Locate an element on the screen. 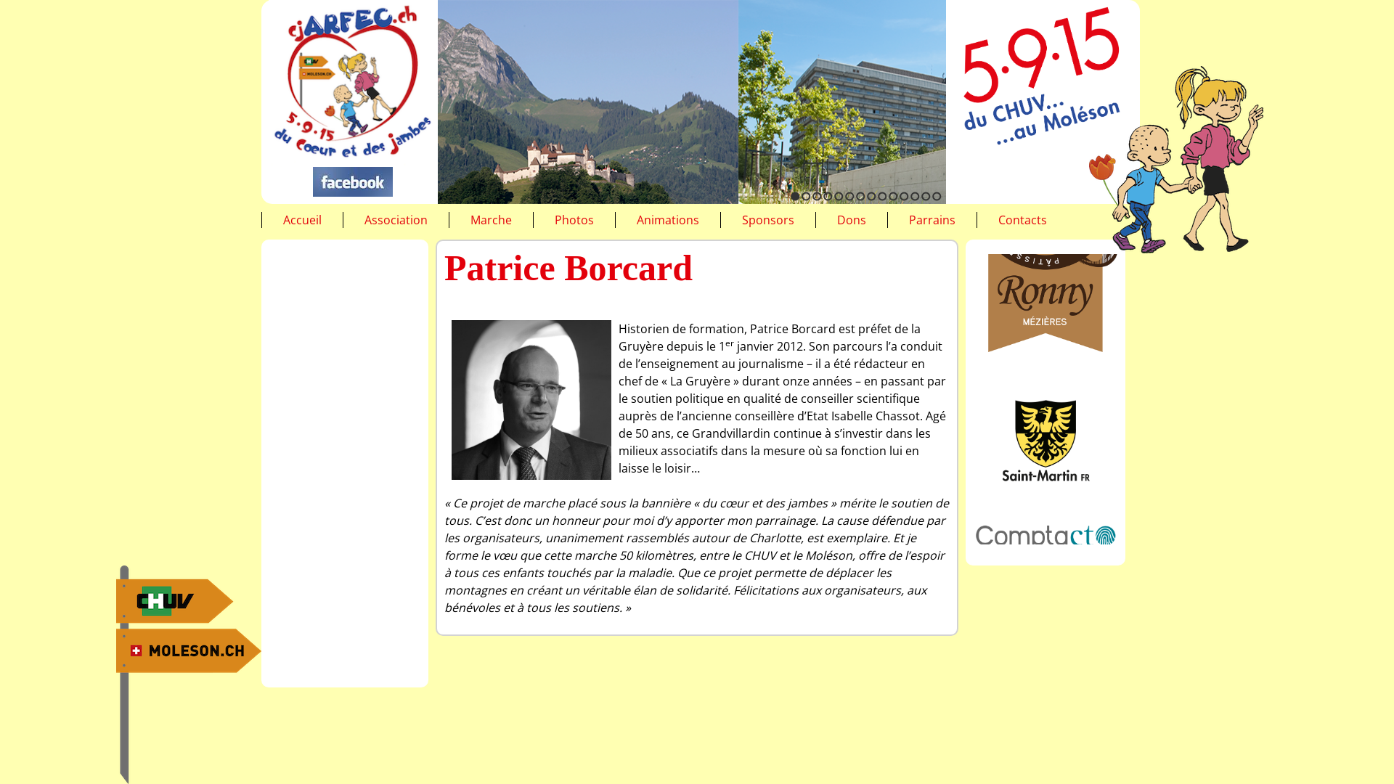 Image resolution: width=1394 pixels, height=784 pixels. '9' is located at coordinates (881, 196).